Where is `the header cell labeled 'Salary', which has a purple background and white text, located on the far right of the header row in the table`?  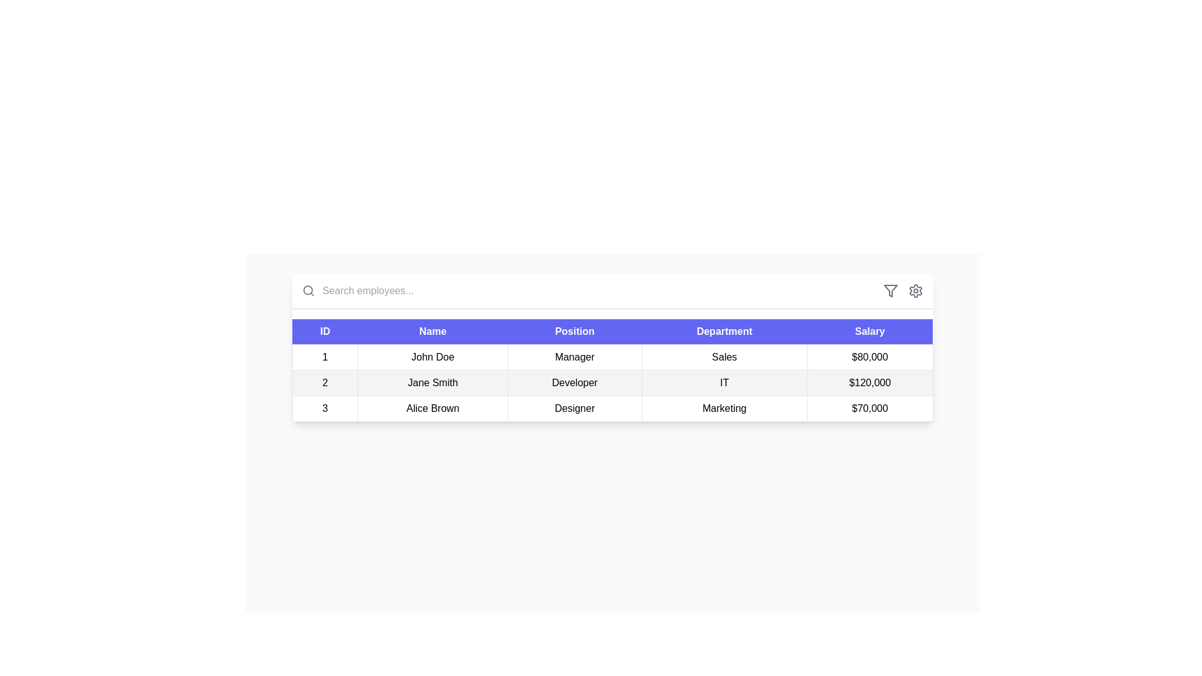
the header cell labeled 'Salary', which has a purple background and white text, located on the far right of the header row in the table is located at coordinates (869, 331).